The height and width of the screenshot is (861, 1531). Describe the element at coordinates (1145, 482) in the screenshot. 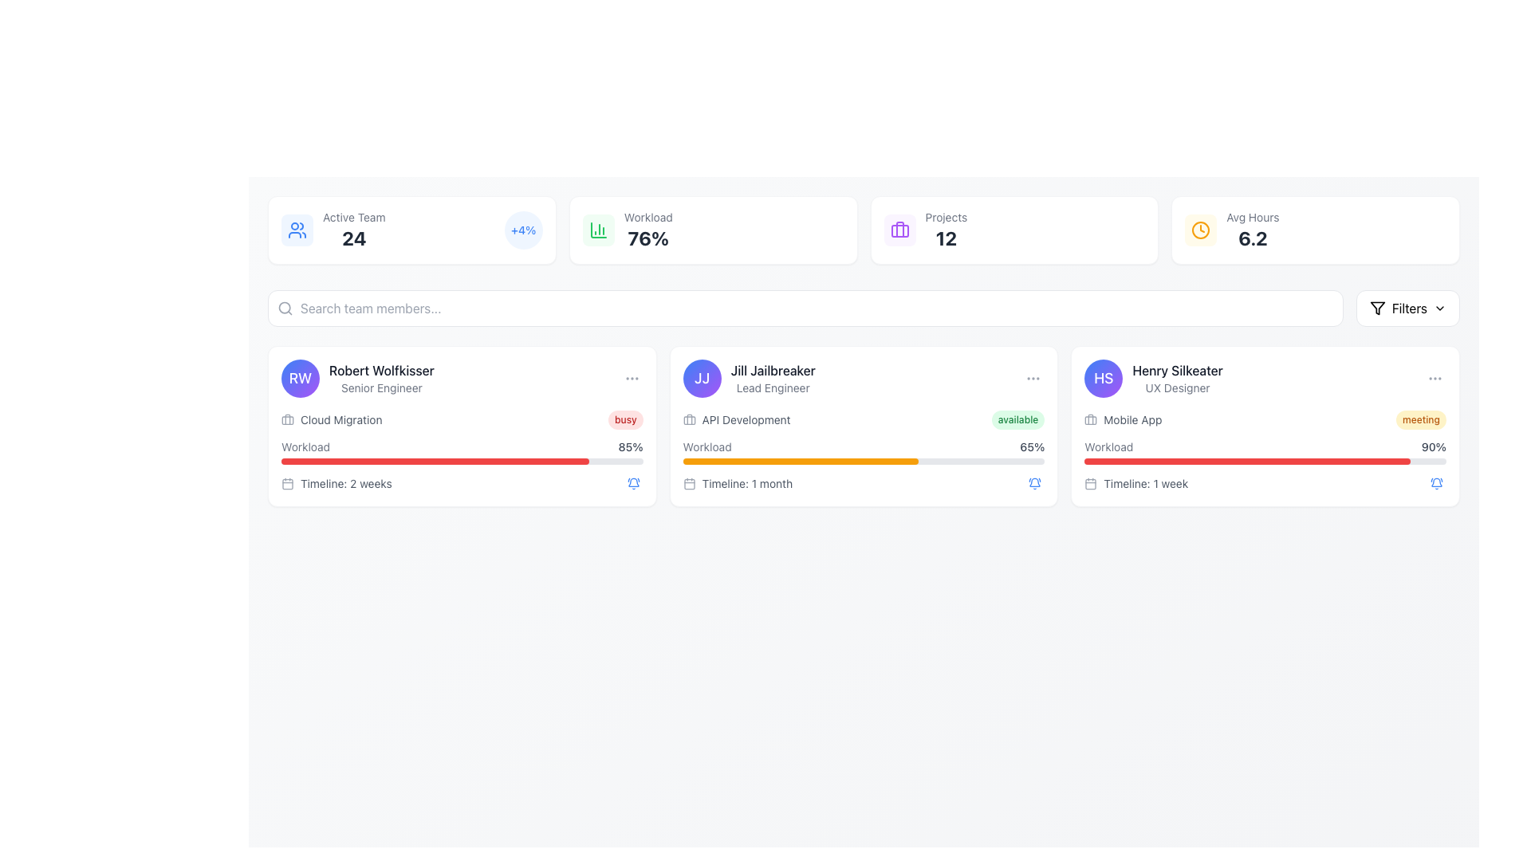

I see `the static text display that shows the timeline duration for the user 'Henry Silkeater', located at the bottom-right corner of the card below the workload progress bar` at that location.